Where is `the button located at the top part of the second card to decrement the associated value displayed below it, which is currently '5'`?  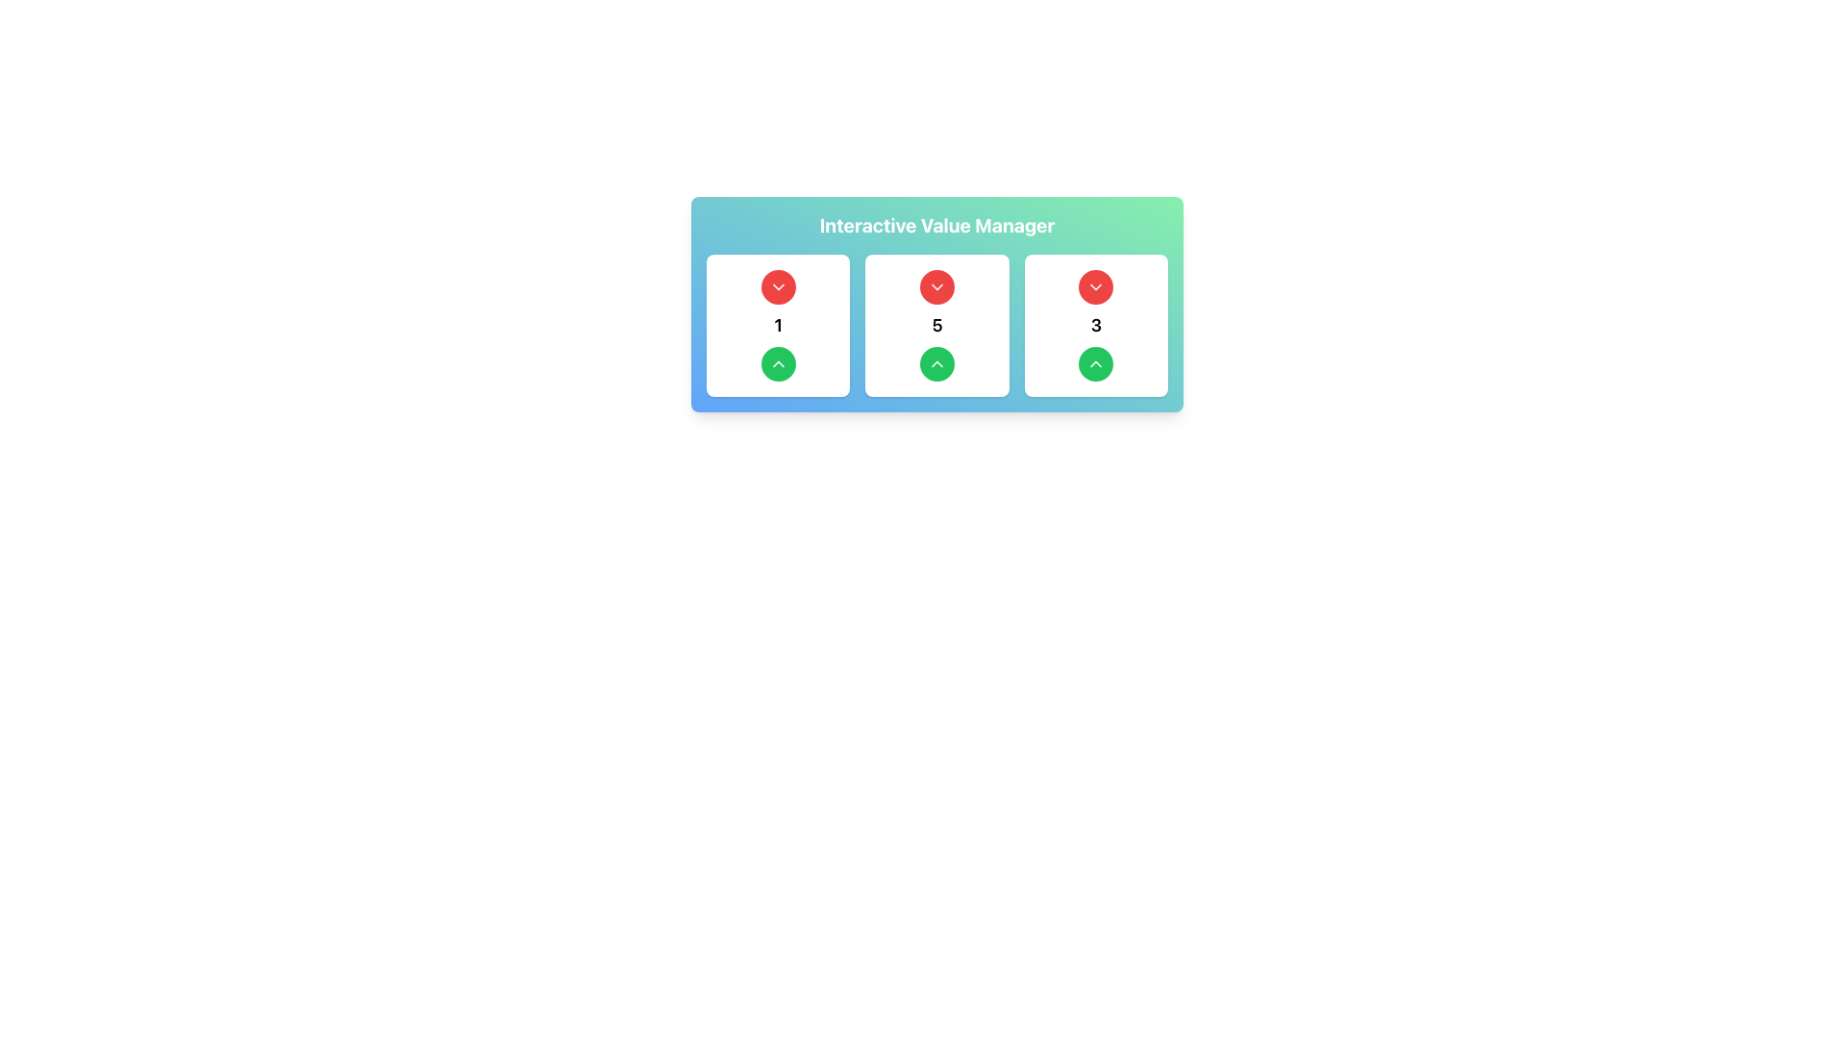
the button located at the top part of the second card to decrement the associated value displayed below it, which is currently '5' is located at coordinates (936, 287).